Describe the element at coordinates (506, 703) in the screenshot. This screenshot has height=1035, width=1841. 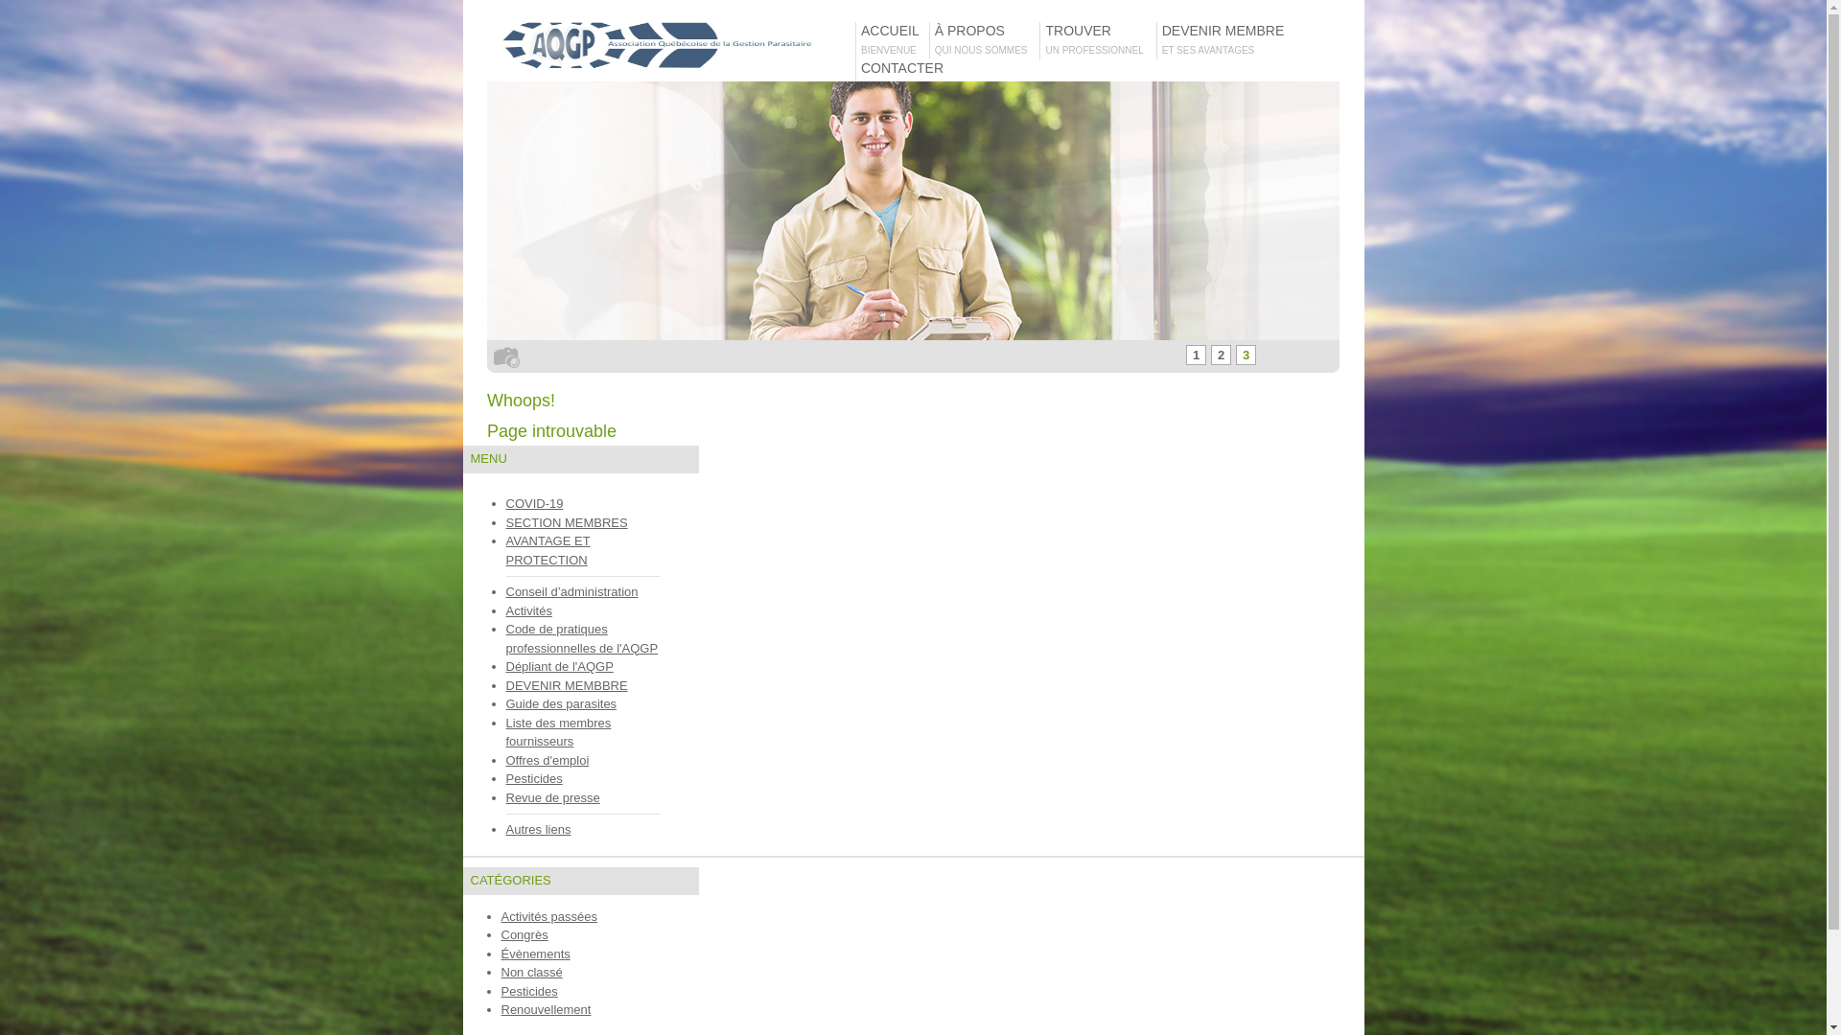
I see `'Guide des parasites'` at that location.